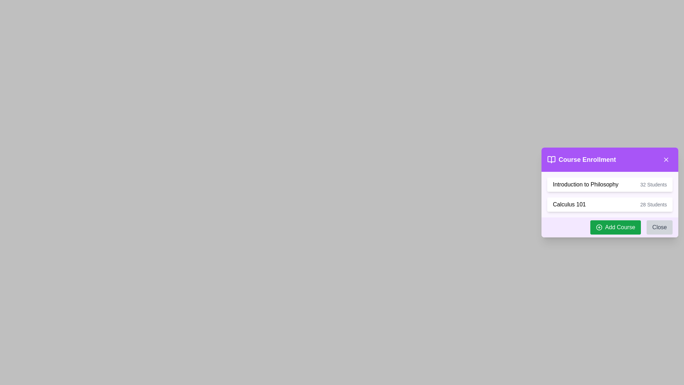 Image resolution: width=684 pixels, height=385 pixels. I want to click on the 'Calculus 101' text label, so click(569, 205).